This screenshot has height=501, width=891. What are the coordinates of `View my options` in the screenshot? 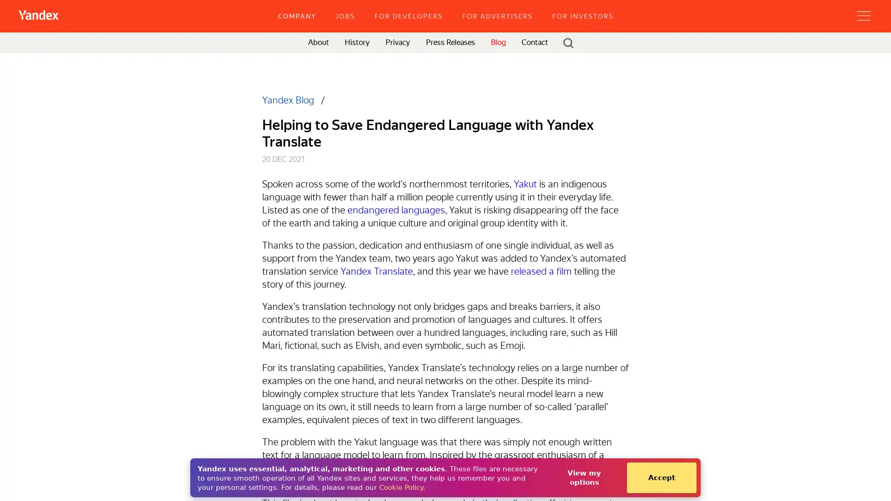 It's located at (583, 477).